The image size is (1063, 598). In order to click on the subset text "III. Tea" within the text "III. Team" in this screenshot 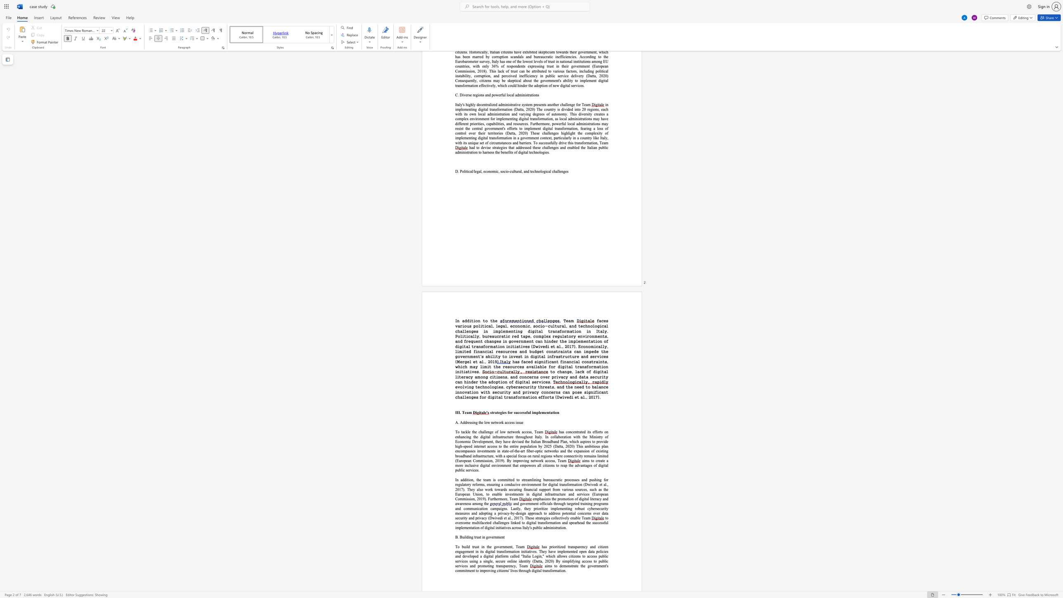, I will do `click(455, 412)`.